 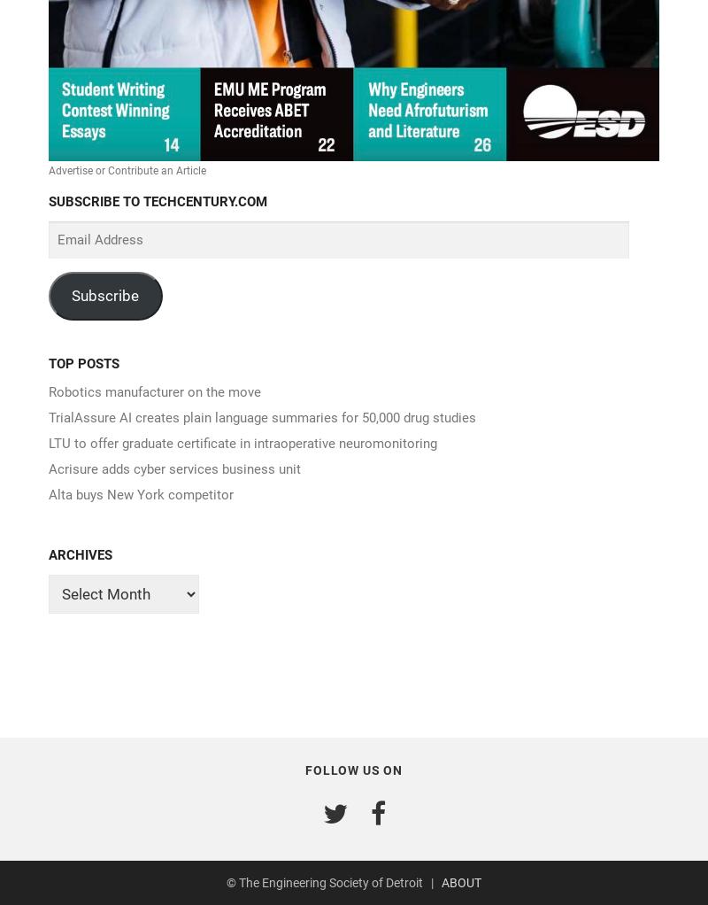 What do you see at coordinates (154, 391) in the screenshot?
I see `'Robotics manufacturer on the move'` at bounding box center [154, 391].